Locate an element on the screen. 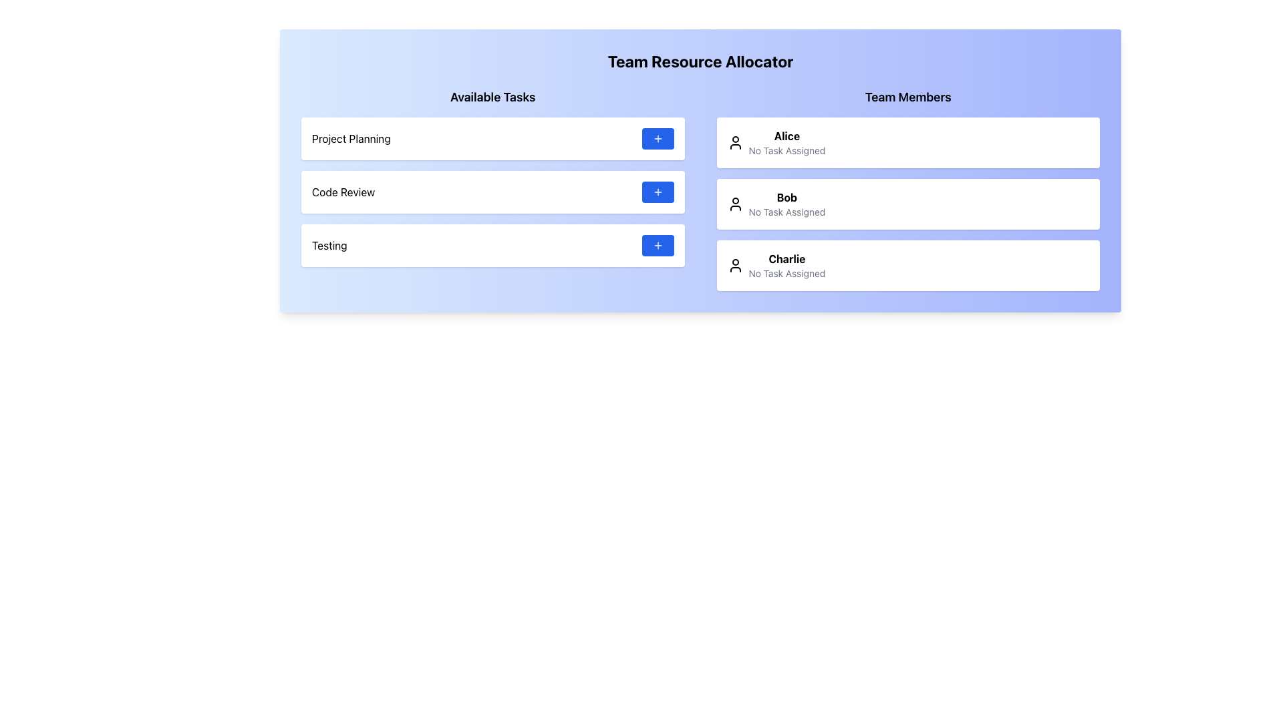  the light gray static text displaying 'No Task Assigned' located below 'Charlie' in the 'Team Members' section is located at coordinates (787, 272).